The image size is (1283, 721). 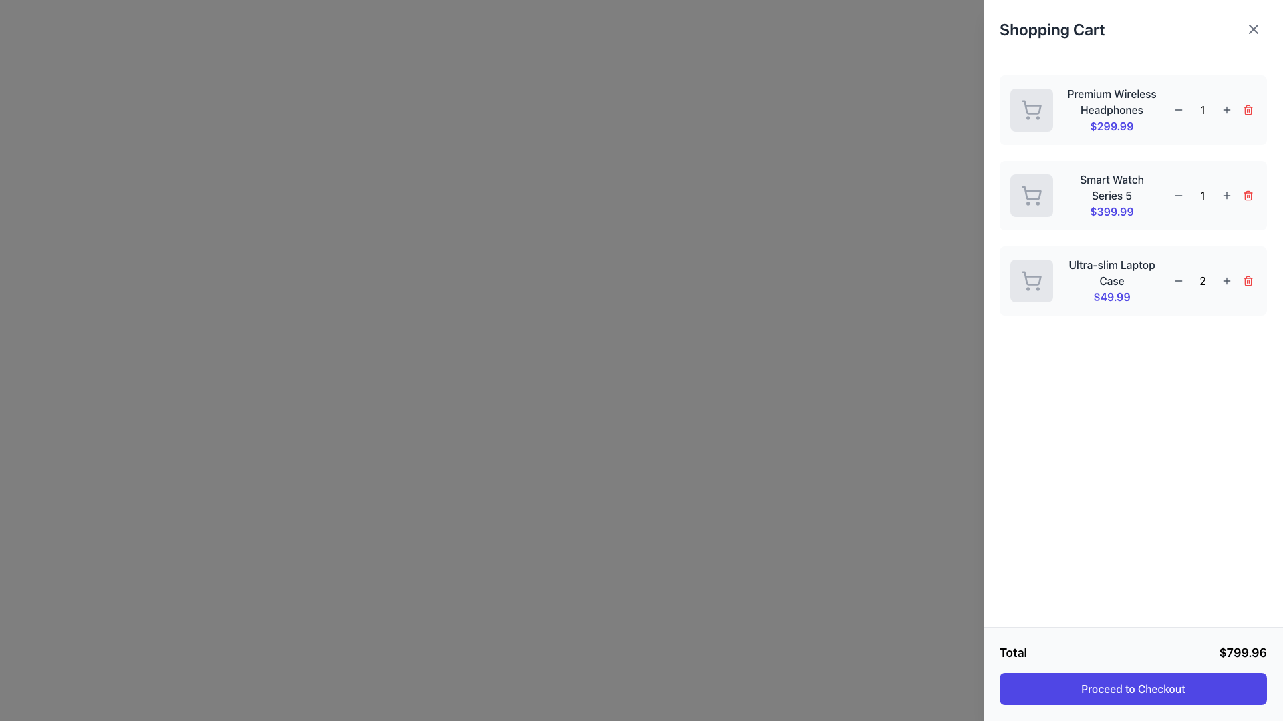 What do you see at coordinates (1112, 196) in the screenshot?
I see `the text display showing the product name 'Smart Watch Series 5' and price '$399.99' in the second product card of the shopping cart interface` at bounding box center [1112, 196].